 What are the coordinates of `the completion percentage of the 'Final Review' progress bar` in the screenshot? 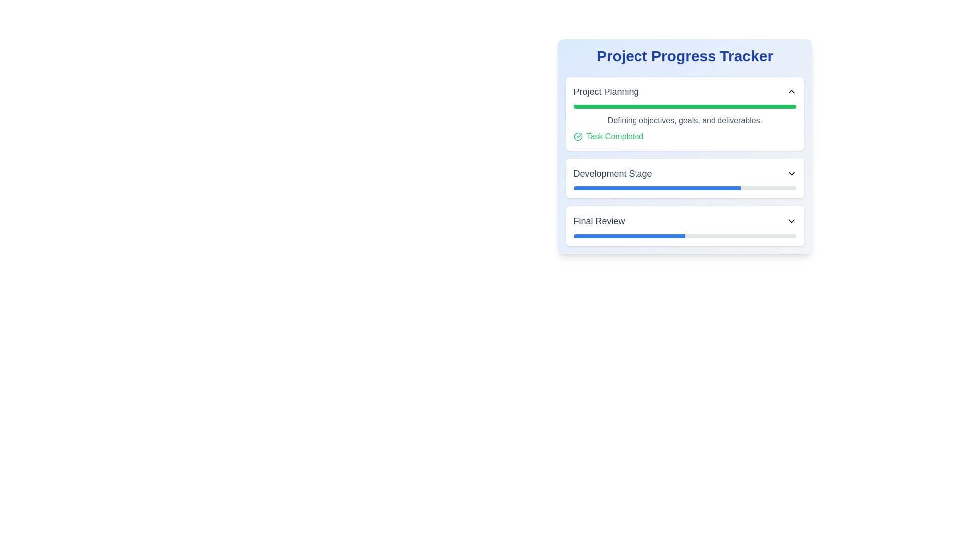 It's located at (769, 236).